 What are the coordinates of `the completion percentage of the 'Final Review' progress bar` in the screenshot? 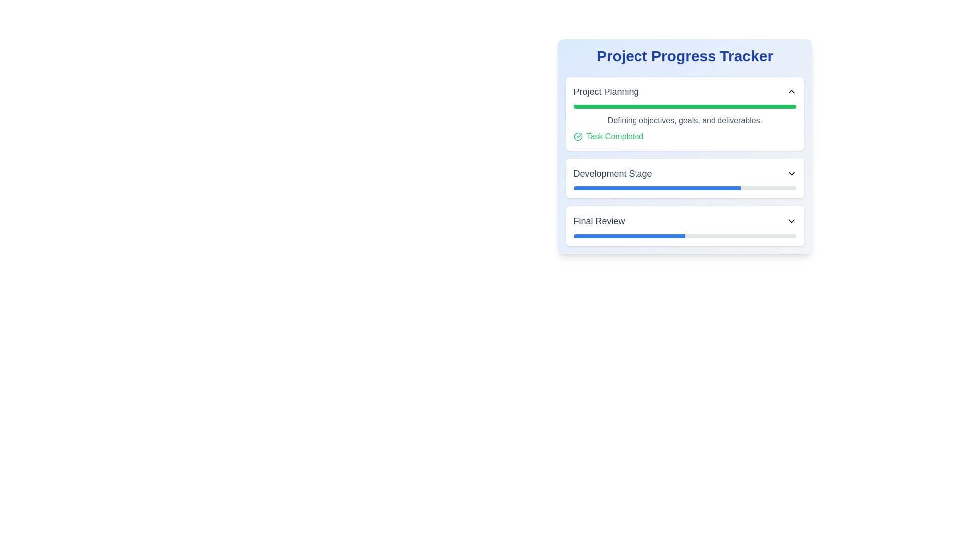 It's located at (769, 236).